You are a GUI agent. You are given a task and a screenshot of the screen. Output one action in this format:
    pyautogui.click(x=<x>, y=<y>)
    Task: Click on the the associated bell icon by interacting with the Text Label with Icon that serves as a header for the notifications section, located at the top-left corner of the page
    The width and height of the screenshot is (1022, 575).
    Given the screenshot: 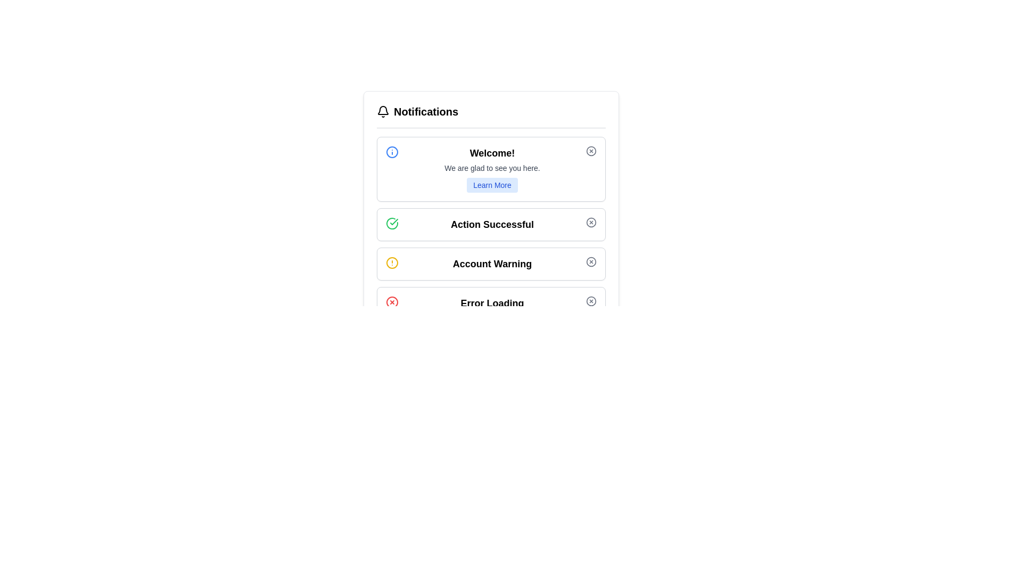 What is the action you would take?
    pyautogui.click(x=417, y=111)
    